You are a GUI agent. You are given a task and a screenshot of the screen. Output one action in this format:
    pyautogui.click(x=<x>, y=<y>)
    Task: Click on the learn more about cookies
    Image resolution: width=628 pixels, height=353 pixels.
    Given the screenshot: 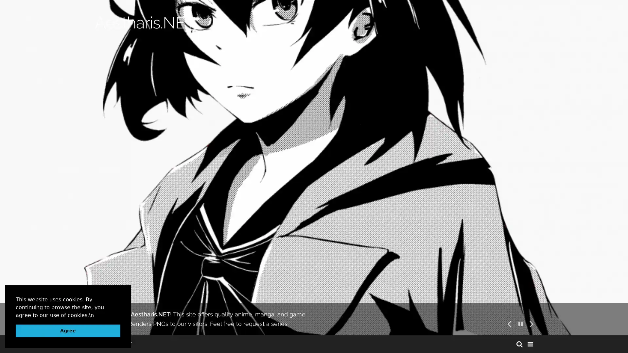 What is the action you would take?
    pyautogui.click(x=96, y=315)
    